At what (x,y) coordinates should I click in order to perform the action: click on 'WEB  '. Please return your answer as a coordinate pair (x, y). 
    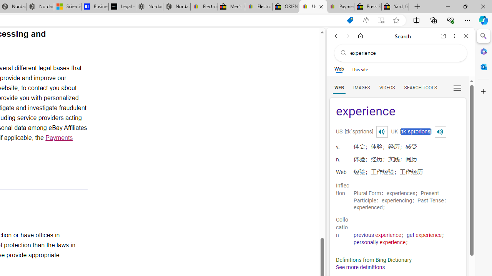
    Looking at the image, I should click on (339, 87).